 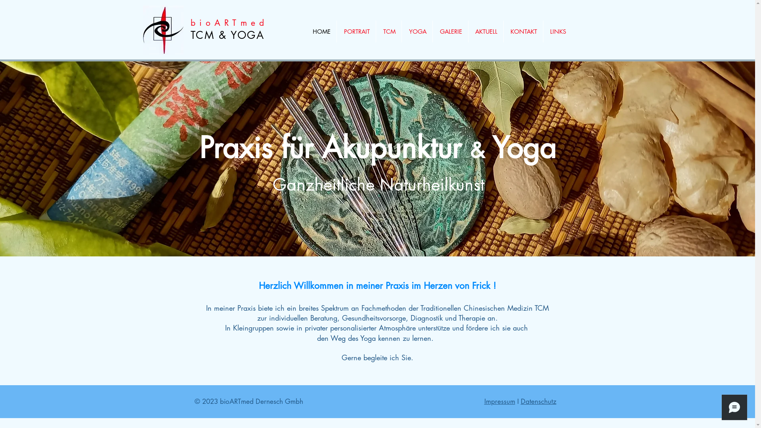 I want to click on 'GALERIE', so click(x=450, y=31).